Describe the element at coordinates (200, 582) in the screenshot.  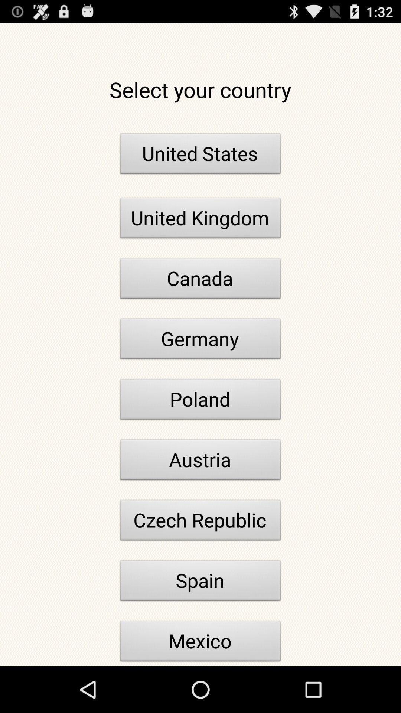
I see `item above mexico item` at that location.